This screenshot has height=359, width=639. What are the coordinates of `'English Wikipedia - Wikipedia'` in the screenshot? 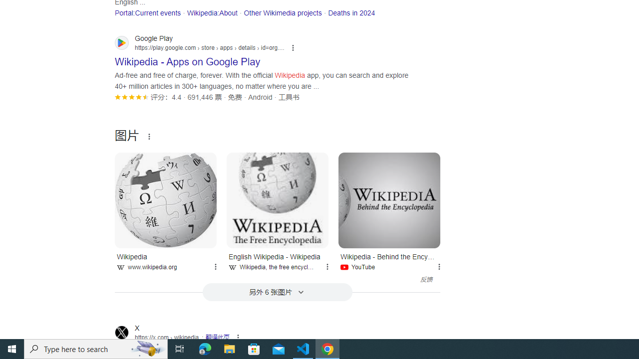 It's located at (278, 200).